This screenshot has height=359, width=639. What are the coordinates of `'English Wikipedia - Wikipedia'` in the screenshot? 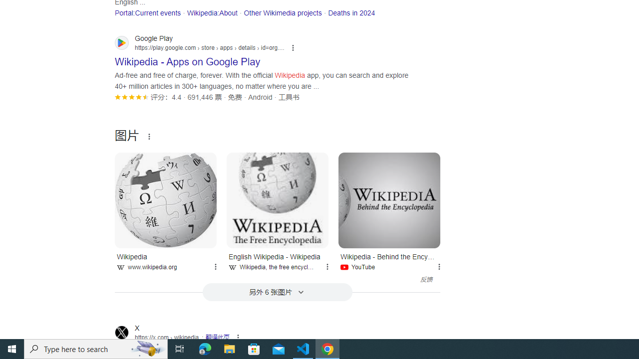 It's located at (278, 200).